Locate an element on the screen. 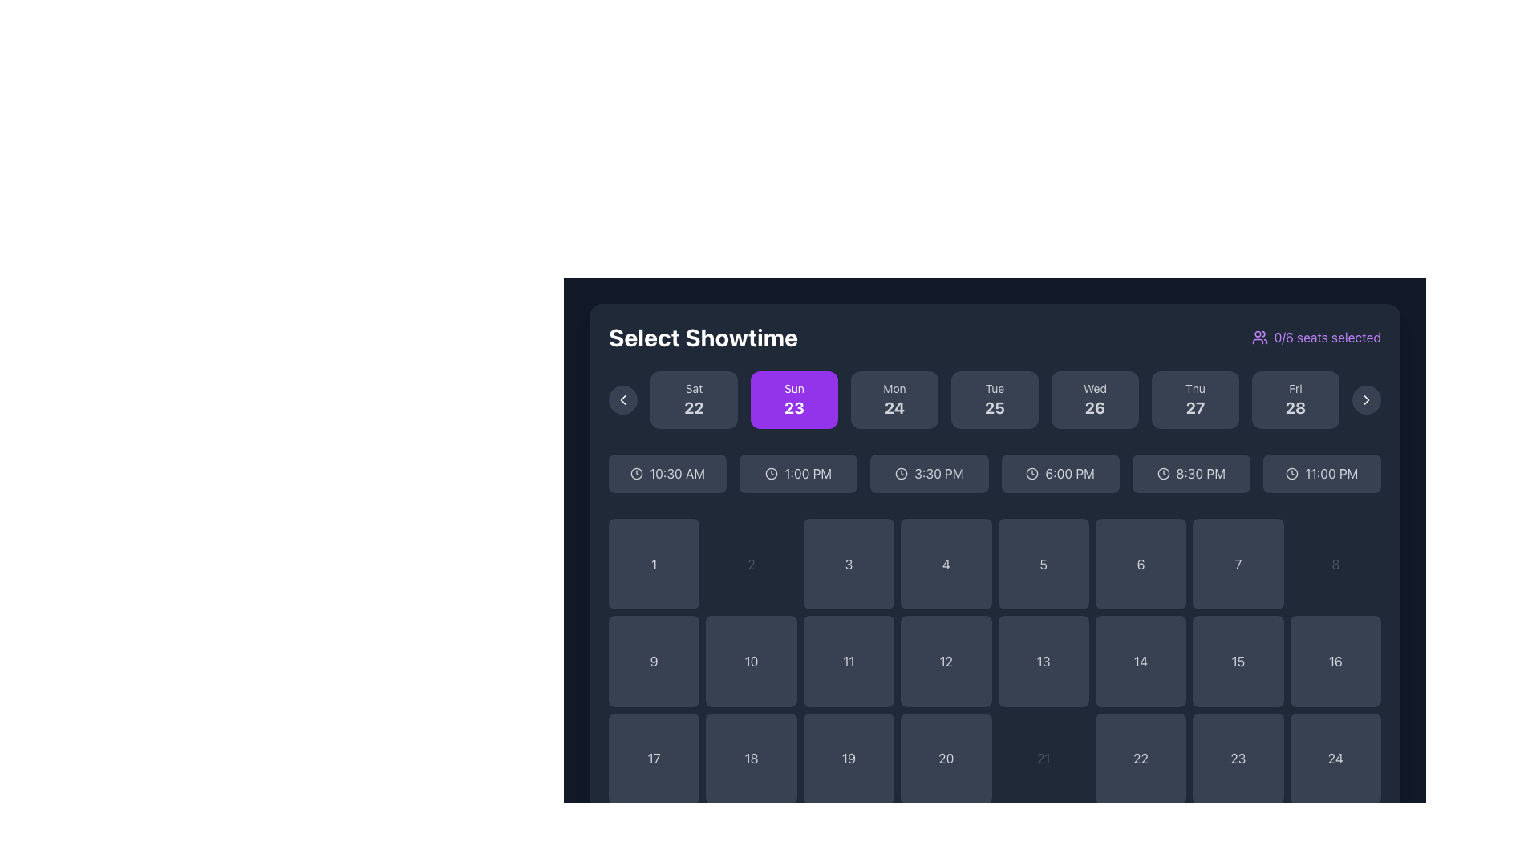  the square-shaped button with a rounded border and dark background that displays the number '24' prominently in its center is located at coordinates (1335, 758).